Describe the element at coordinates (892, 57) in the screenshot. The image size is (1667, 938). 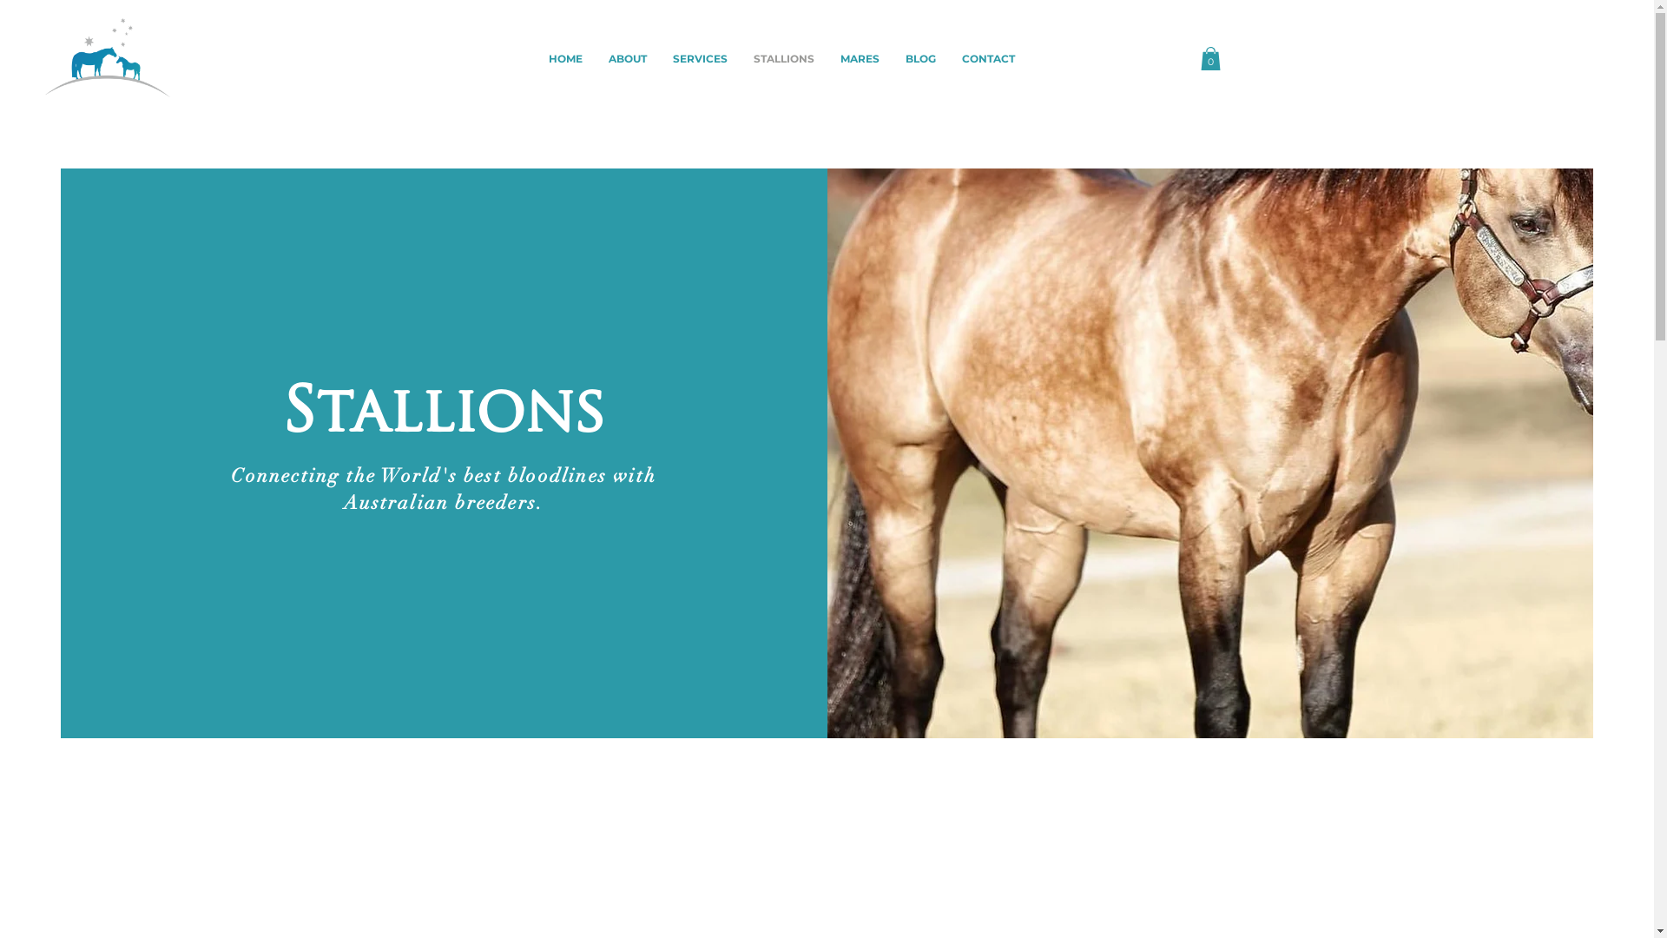
I see `'BLOG'` at that location.